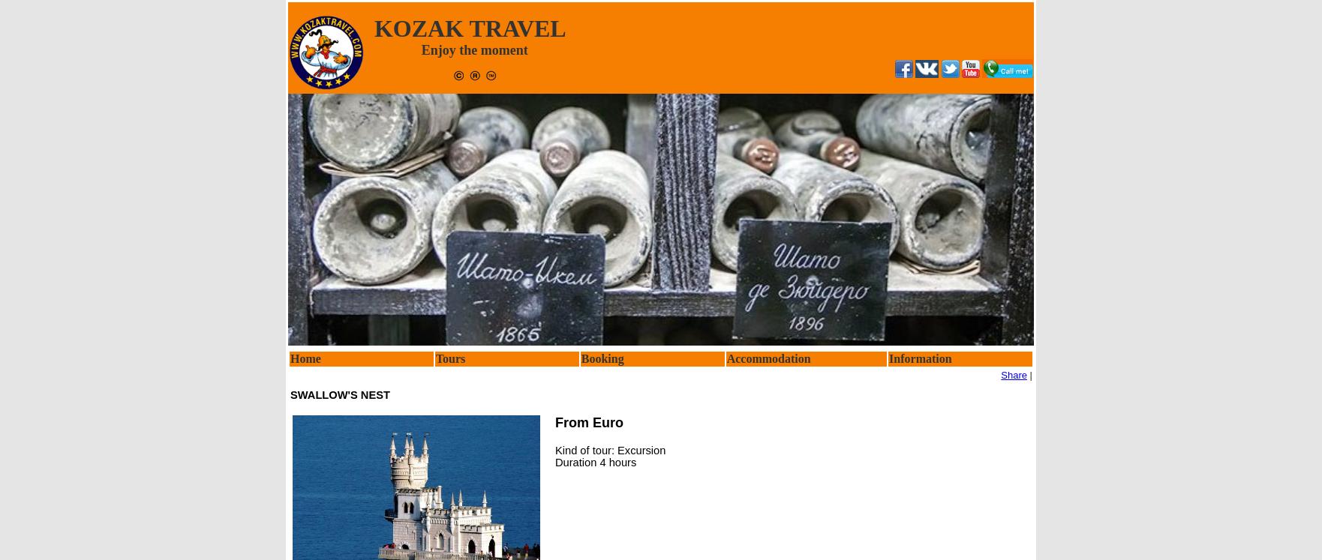 Image resolution: width=1322 pixels, height=560 pixels. I want to click on 'Crimean wine (8 days)', so click(494, 457).